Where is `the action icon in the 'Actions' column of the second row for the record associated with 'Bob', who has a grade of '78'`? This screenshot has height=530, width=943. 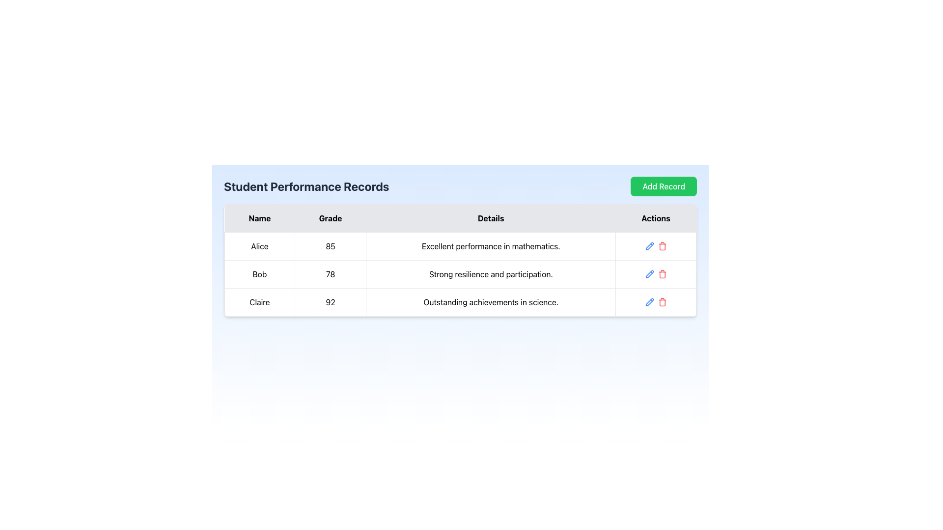
the action icon in the 'Actions' column of the second row for the record associated with 'Bob', who has a grade of '78' is located at coordinates (656, 274).